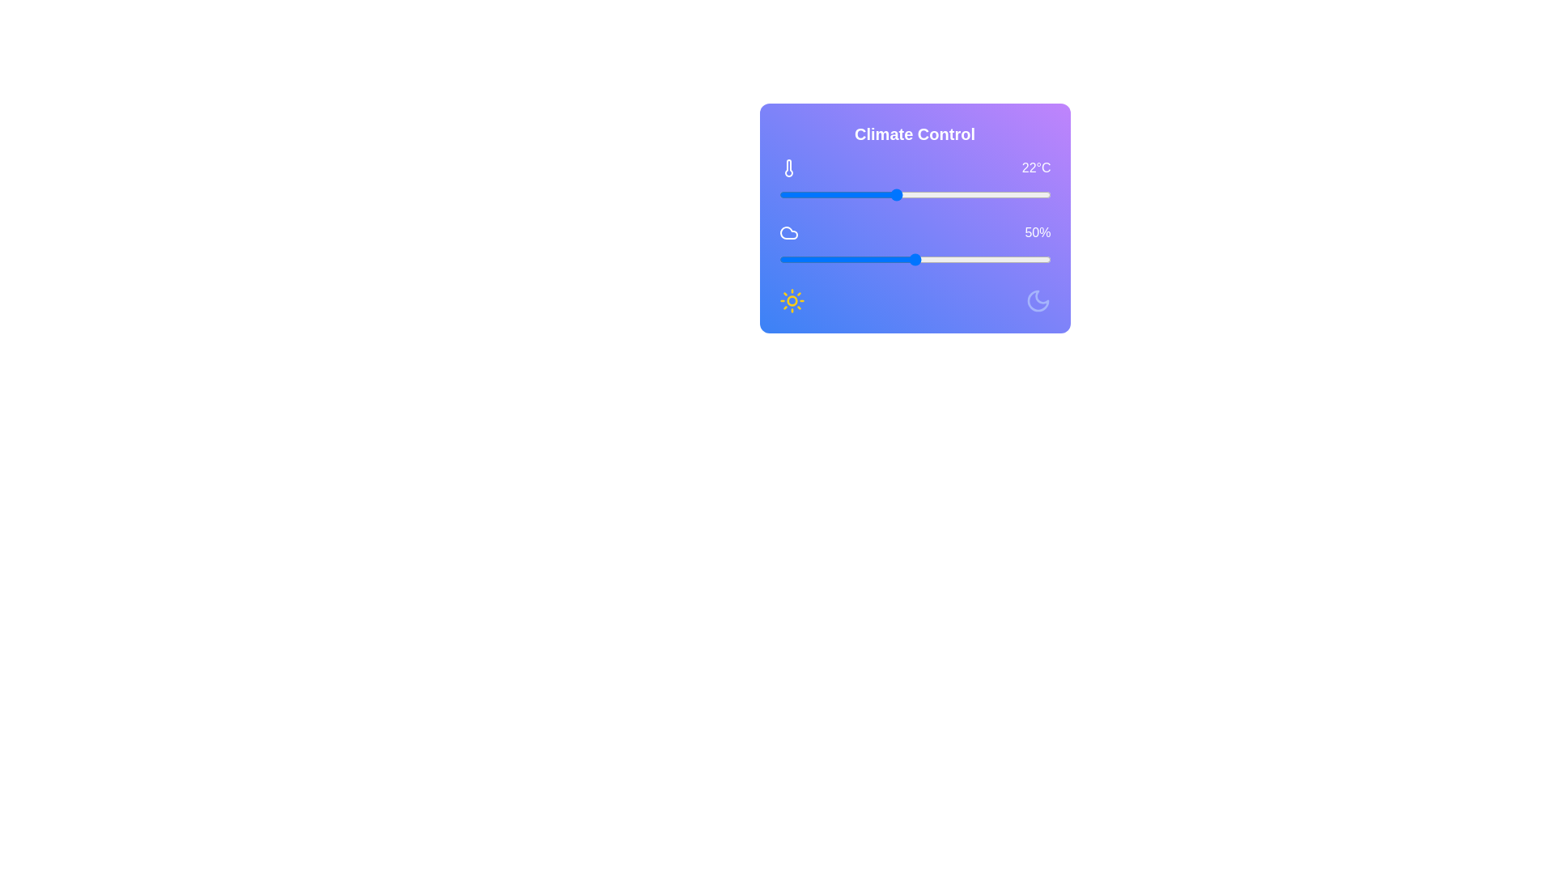 The height and width of the screenshot is (874, 1554). I want to click on the slider, so click(1031, 233).